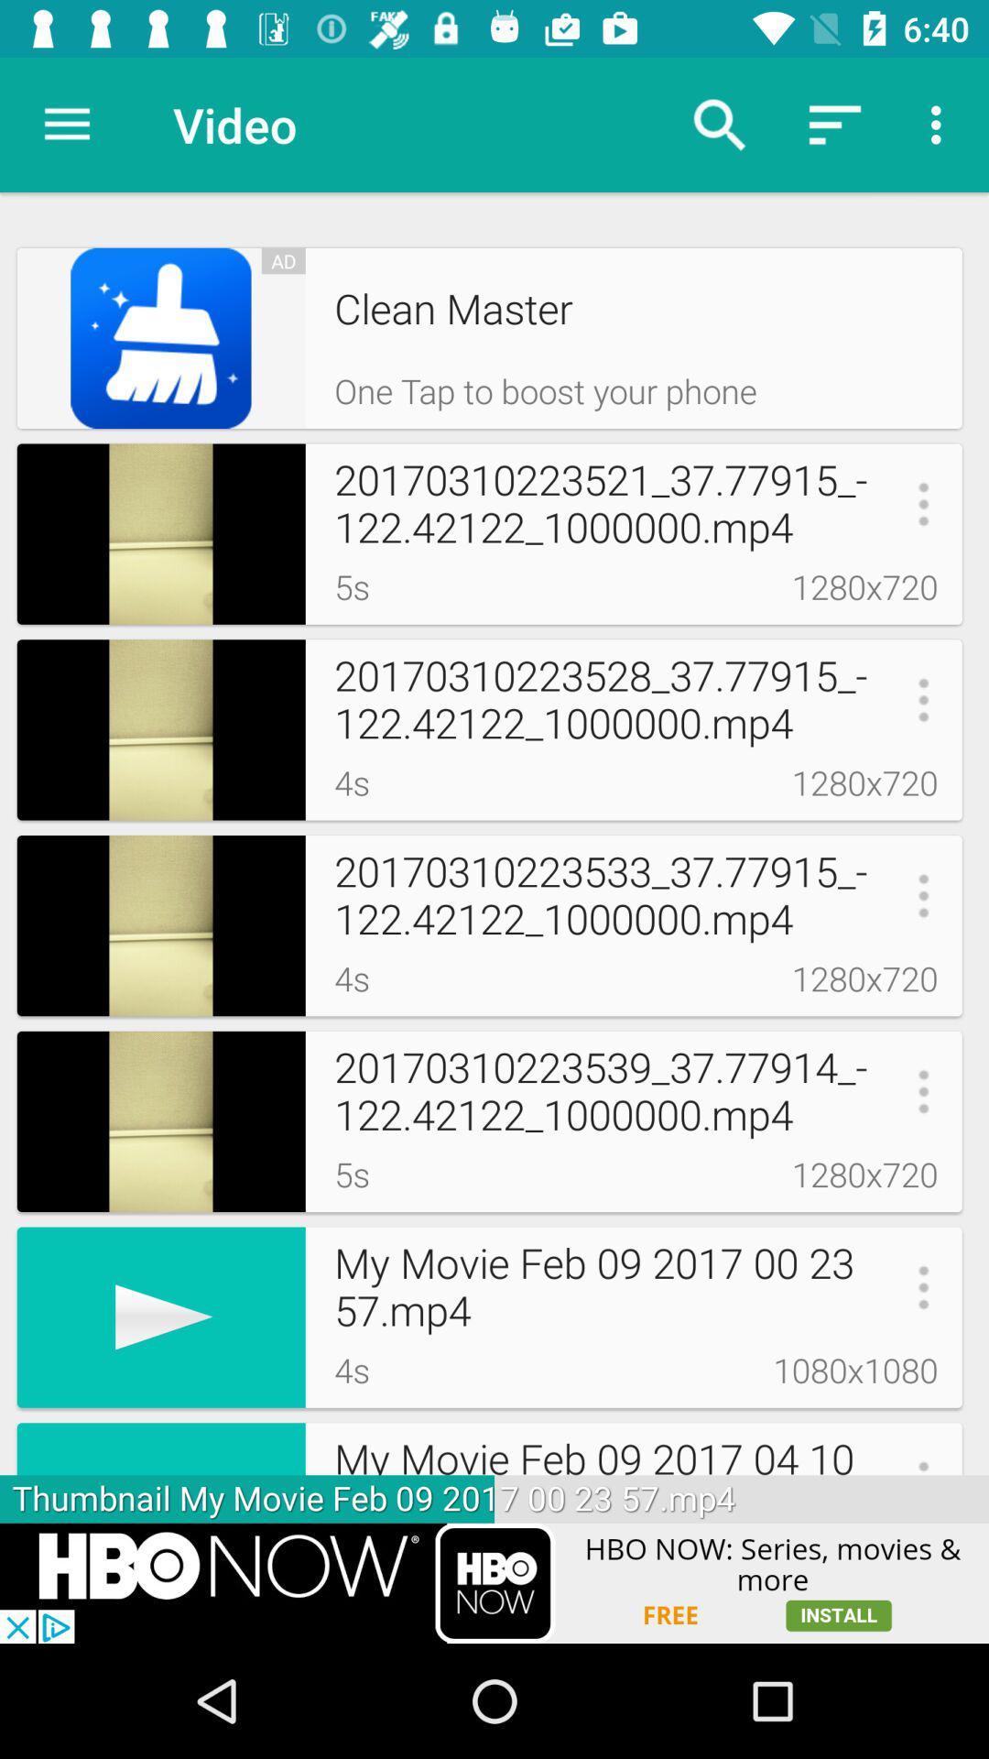 The height and width of the screenshot is (1759, 989). I want to click on the more options buttons, so click(940, 125).